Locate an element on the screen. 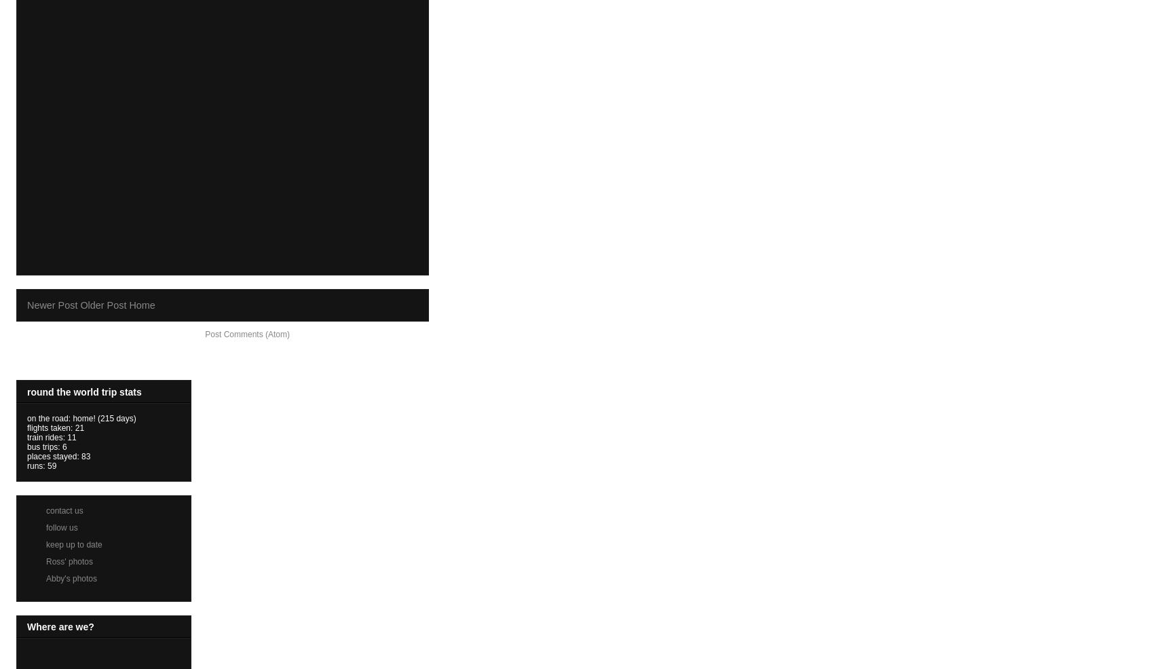  'Abby's photos' is located at coordinates (45, 577).